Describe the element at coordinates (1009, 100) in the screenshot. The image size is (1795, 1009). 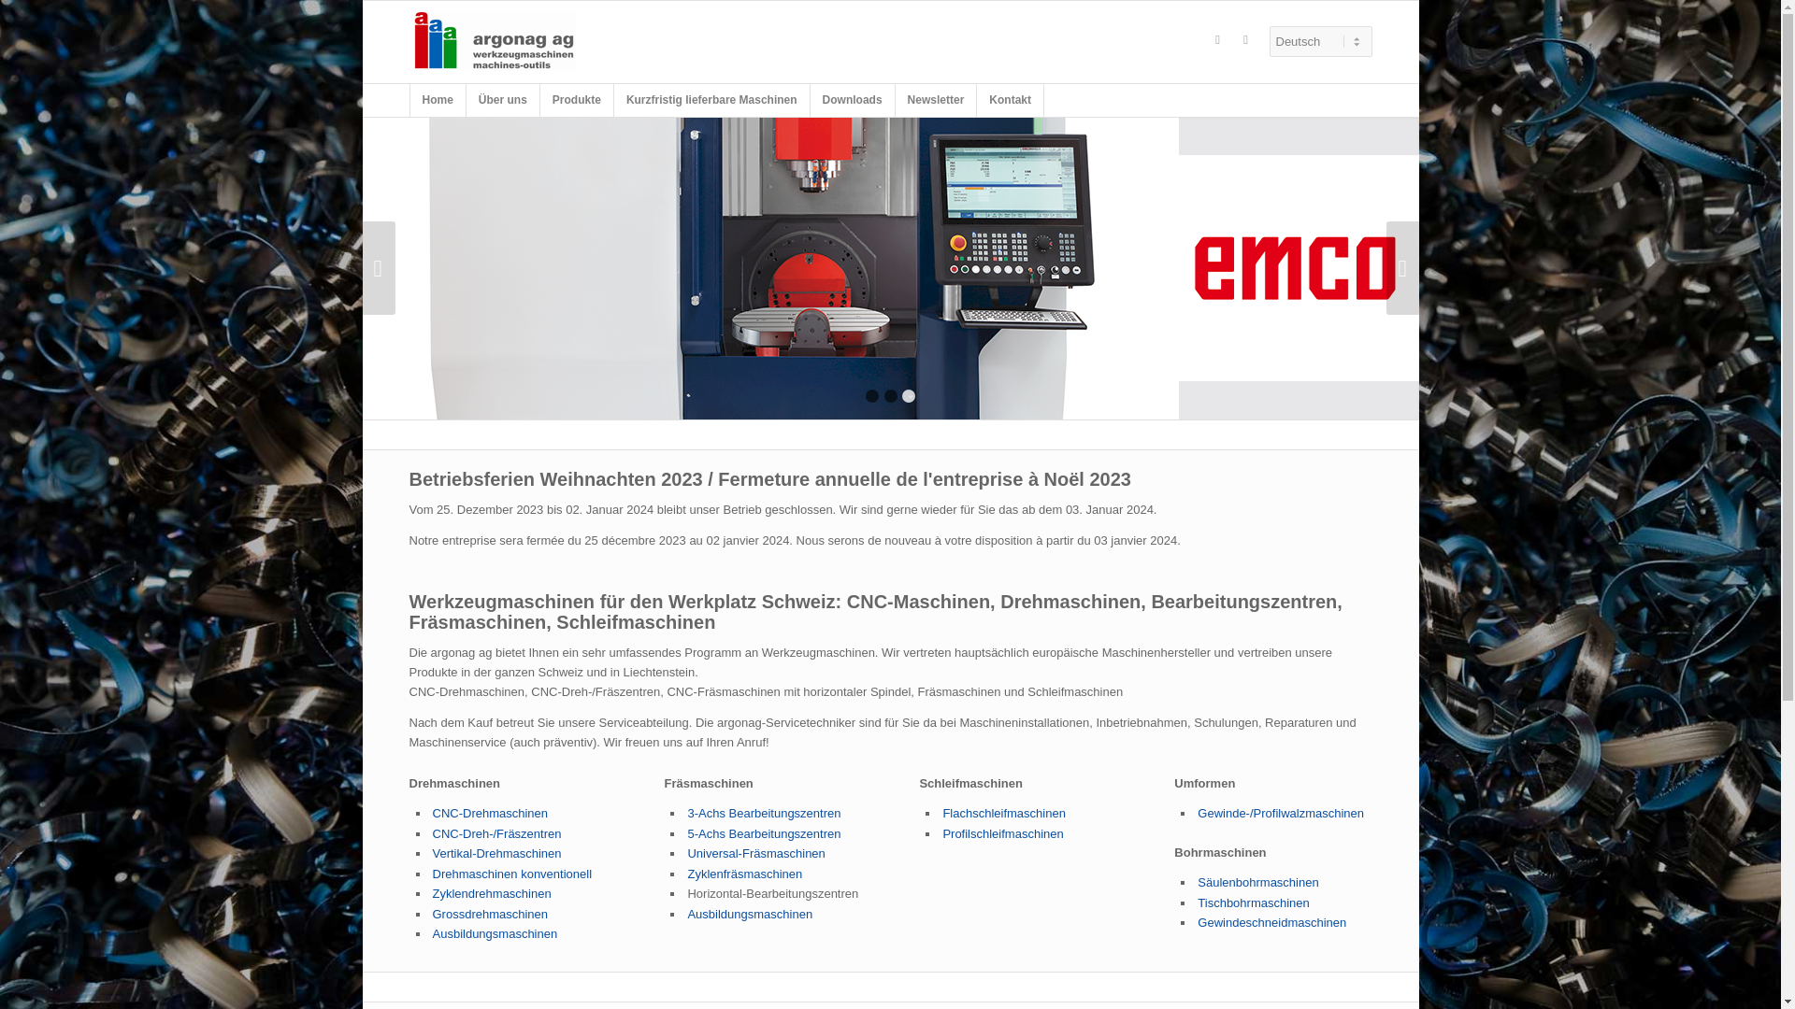
I see `'Kontakt'` at that location.